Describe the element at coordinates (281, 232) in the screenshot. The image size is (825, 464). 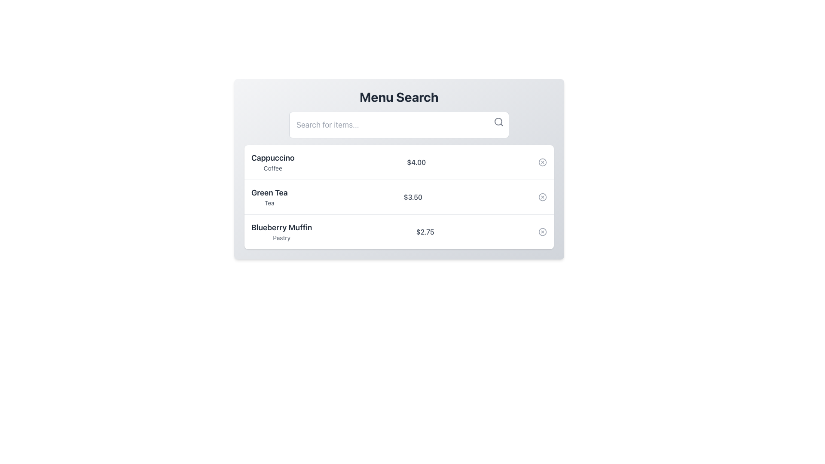
I see `the Text label displaying a menu item name and its category located in the third row of the menu list under the 'Menu Search' header, to the left of the price tag '$2.75'` at that location.